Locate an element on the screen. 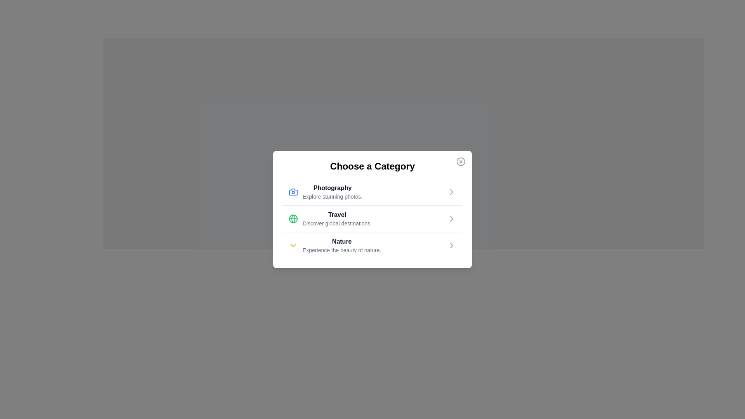 This screenshot has height=419, width=745. the circular area of the close button located in the top-right corner of the 'Choose a Category' dialog is located at coordinates (461, 161).